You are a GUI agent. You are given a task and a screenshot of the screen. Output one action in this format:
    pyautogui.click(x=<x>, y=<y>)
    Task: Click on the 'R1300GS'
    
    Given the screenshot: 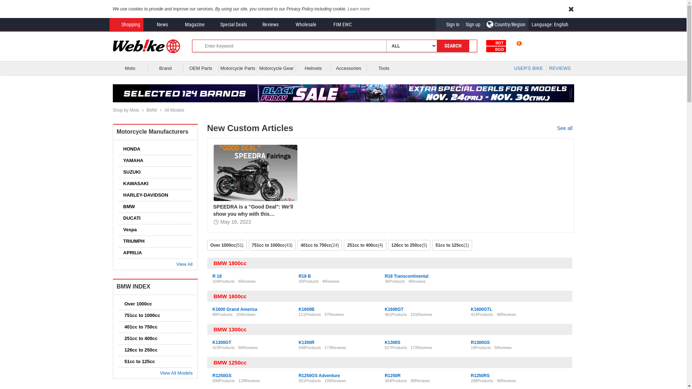 What is the action you would take?
    pyautogui.click(x=480, y=342)
    